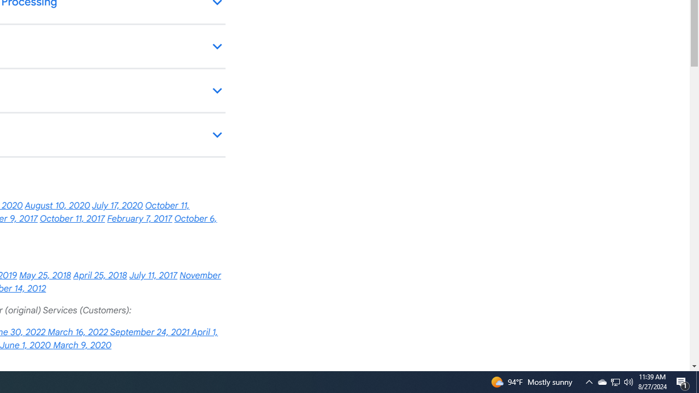 This screenshot has height=393, width=699. Describe the element at coordinates (117, 206) in the screenshot. I see `'July 17, 2020'` at that location.